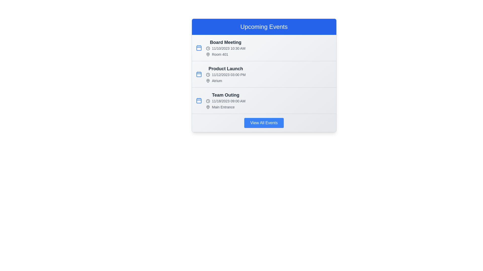 The image size is (483, 271). What do you see at coordinates (198, 48) in the screenshot?
I see `the decorative graphic element that is part of the calendar icon, located to the left of the 'Board Meeting' event entry` at bounding box center [198, 48].